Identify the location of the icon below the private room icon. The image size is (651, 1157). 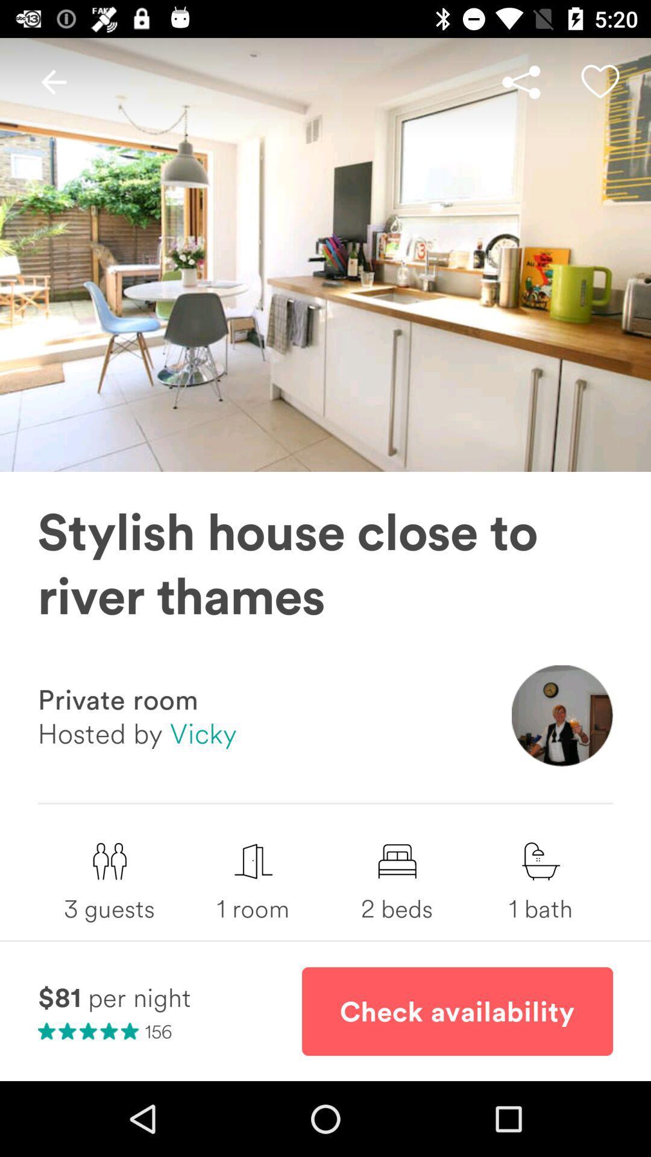
(136, 732).